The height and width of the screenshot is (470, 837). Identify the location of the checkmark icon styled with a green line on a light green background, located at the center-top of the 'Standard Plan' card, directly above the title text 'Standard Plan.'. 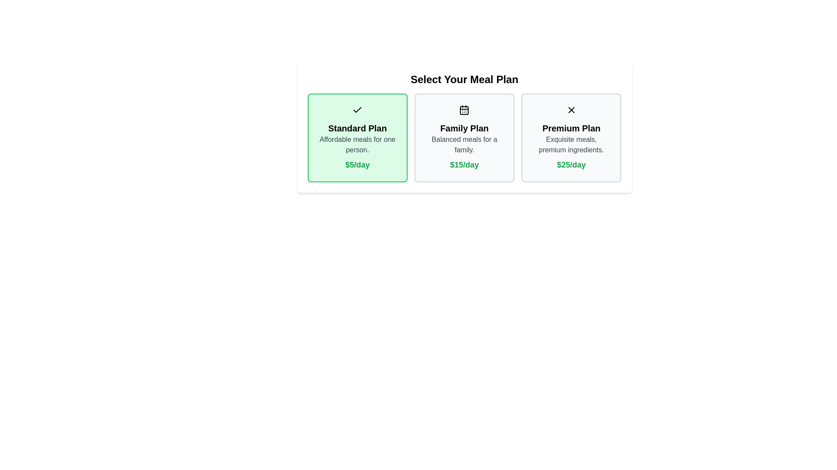
(357, 110).